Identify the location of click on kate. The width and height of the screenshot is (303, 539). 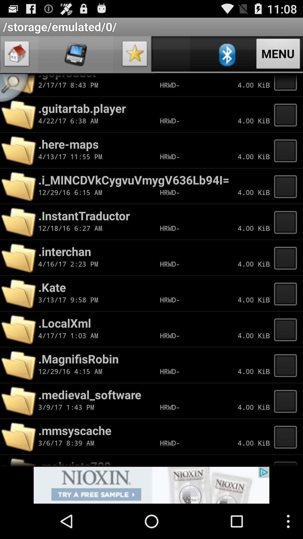
(287, 293).